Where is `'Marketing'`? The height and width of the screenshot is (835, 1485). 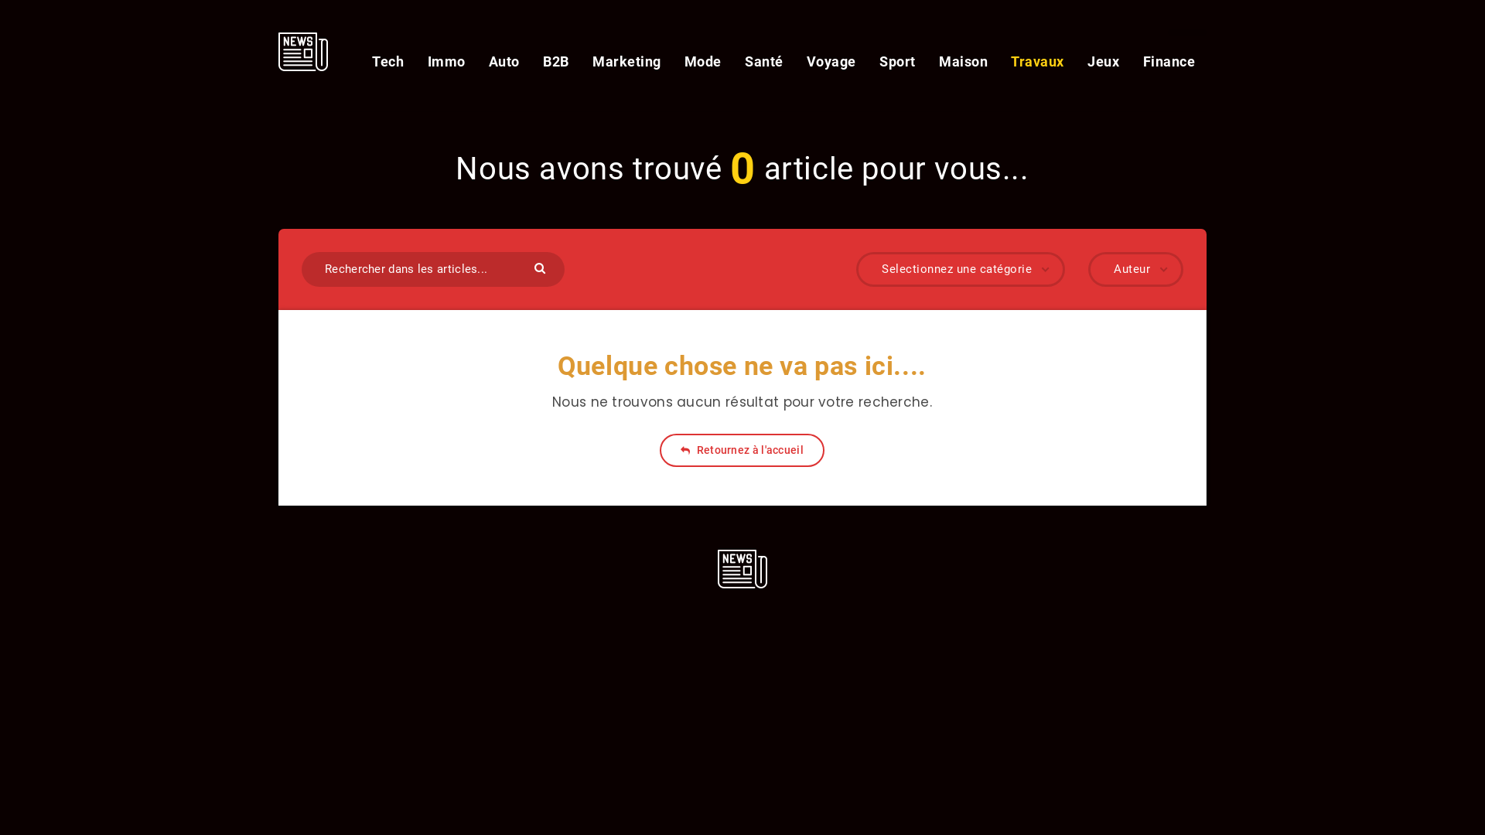
'Marketing' is located at coordinates (592, 61).